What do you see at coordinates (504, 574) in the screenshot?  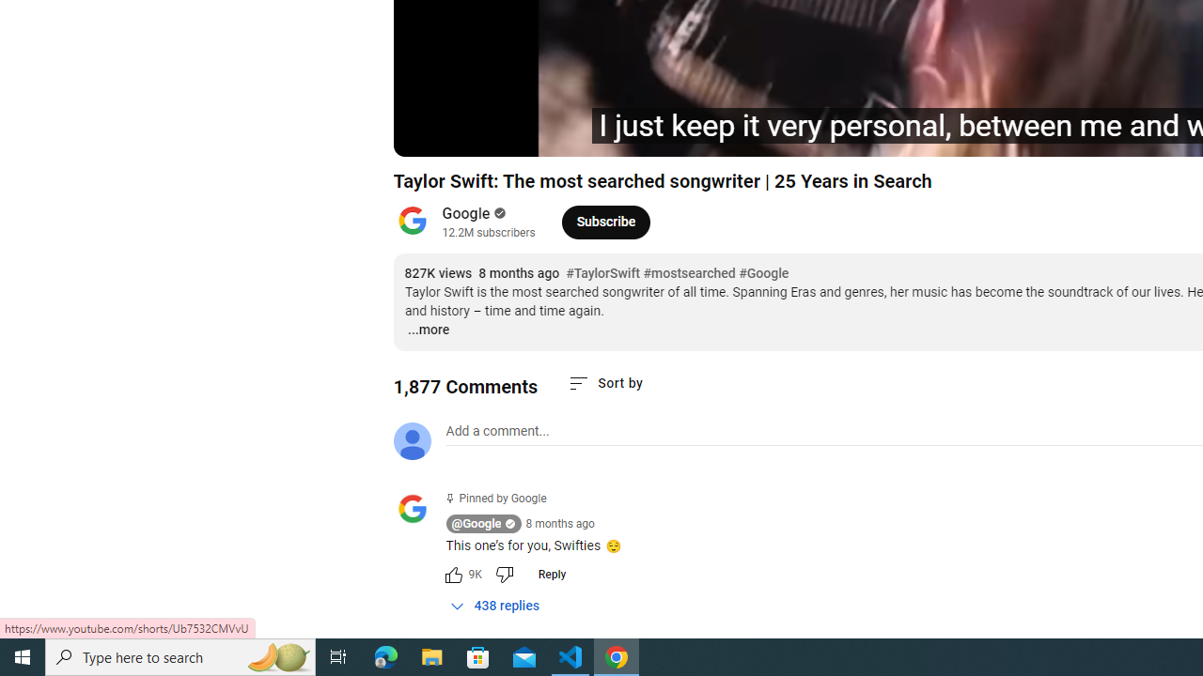 I see `'Dislike this comment'` at bounding box center [504, 574].